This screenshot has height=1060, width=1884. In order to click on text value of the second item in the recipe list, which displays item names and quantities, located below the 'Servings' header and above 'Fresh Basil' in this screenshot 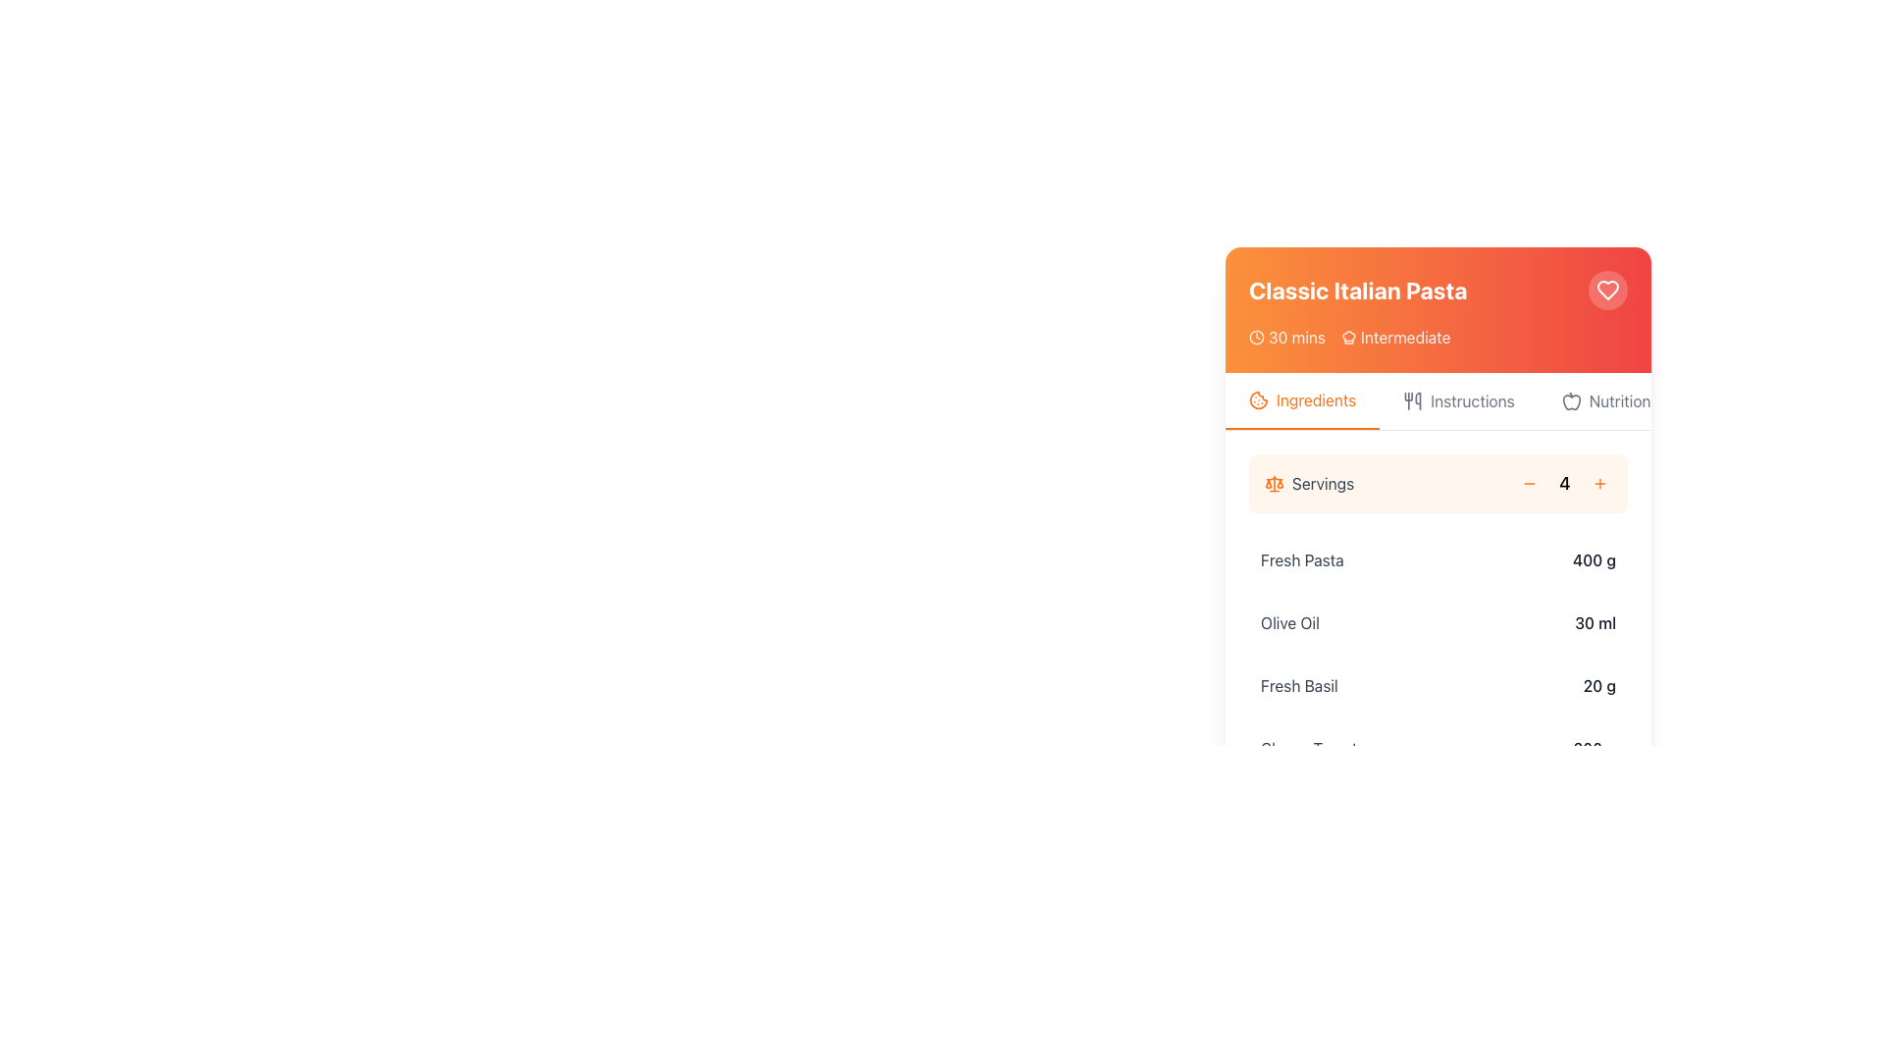, I will do `click(1438, 611)`.